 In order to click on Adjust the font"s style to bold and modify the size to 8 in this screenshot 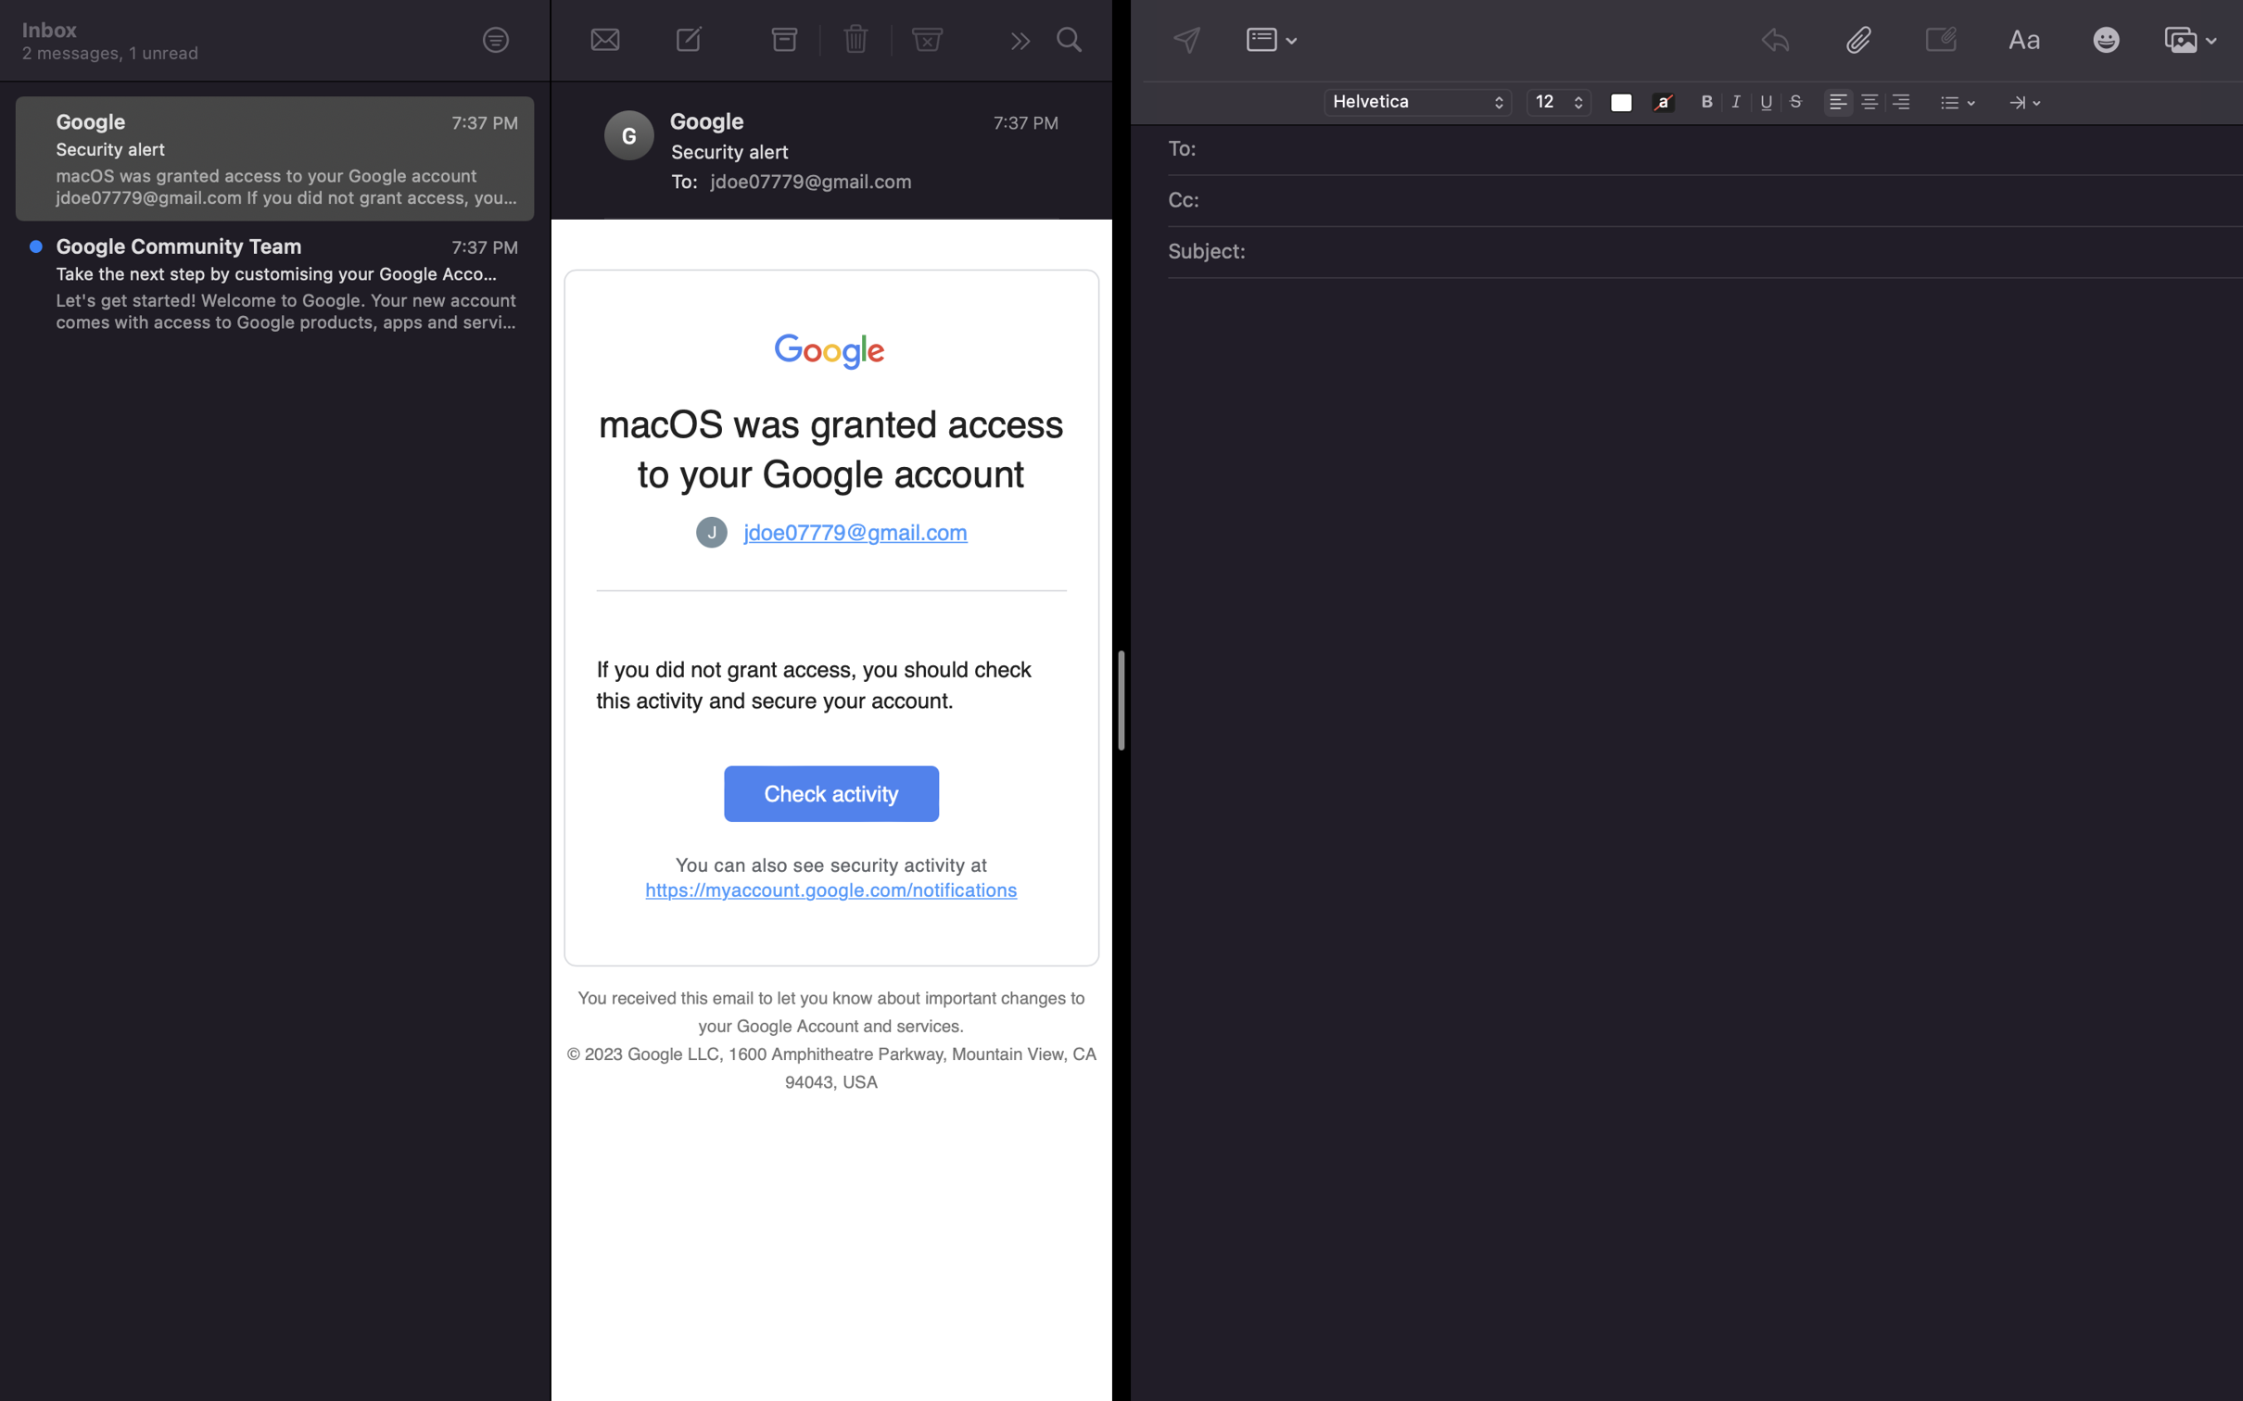, I will do `click(1707, 100)`.